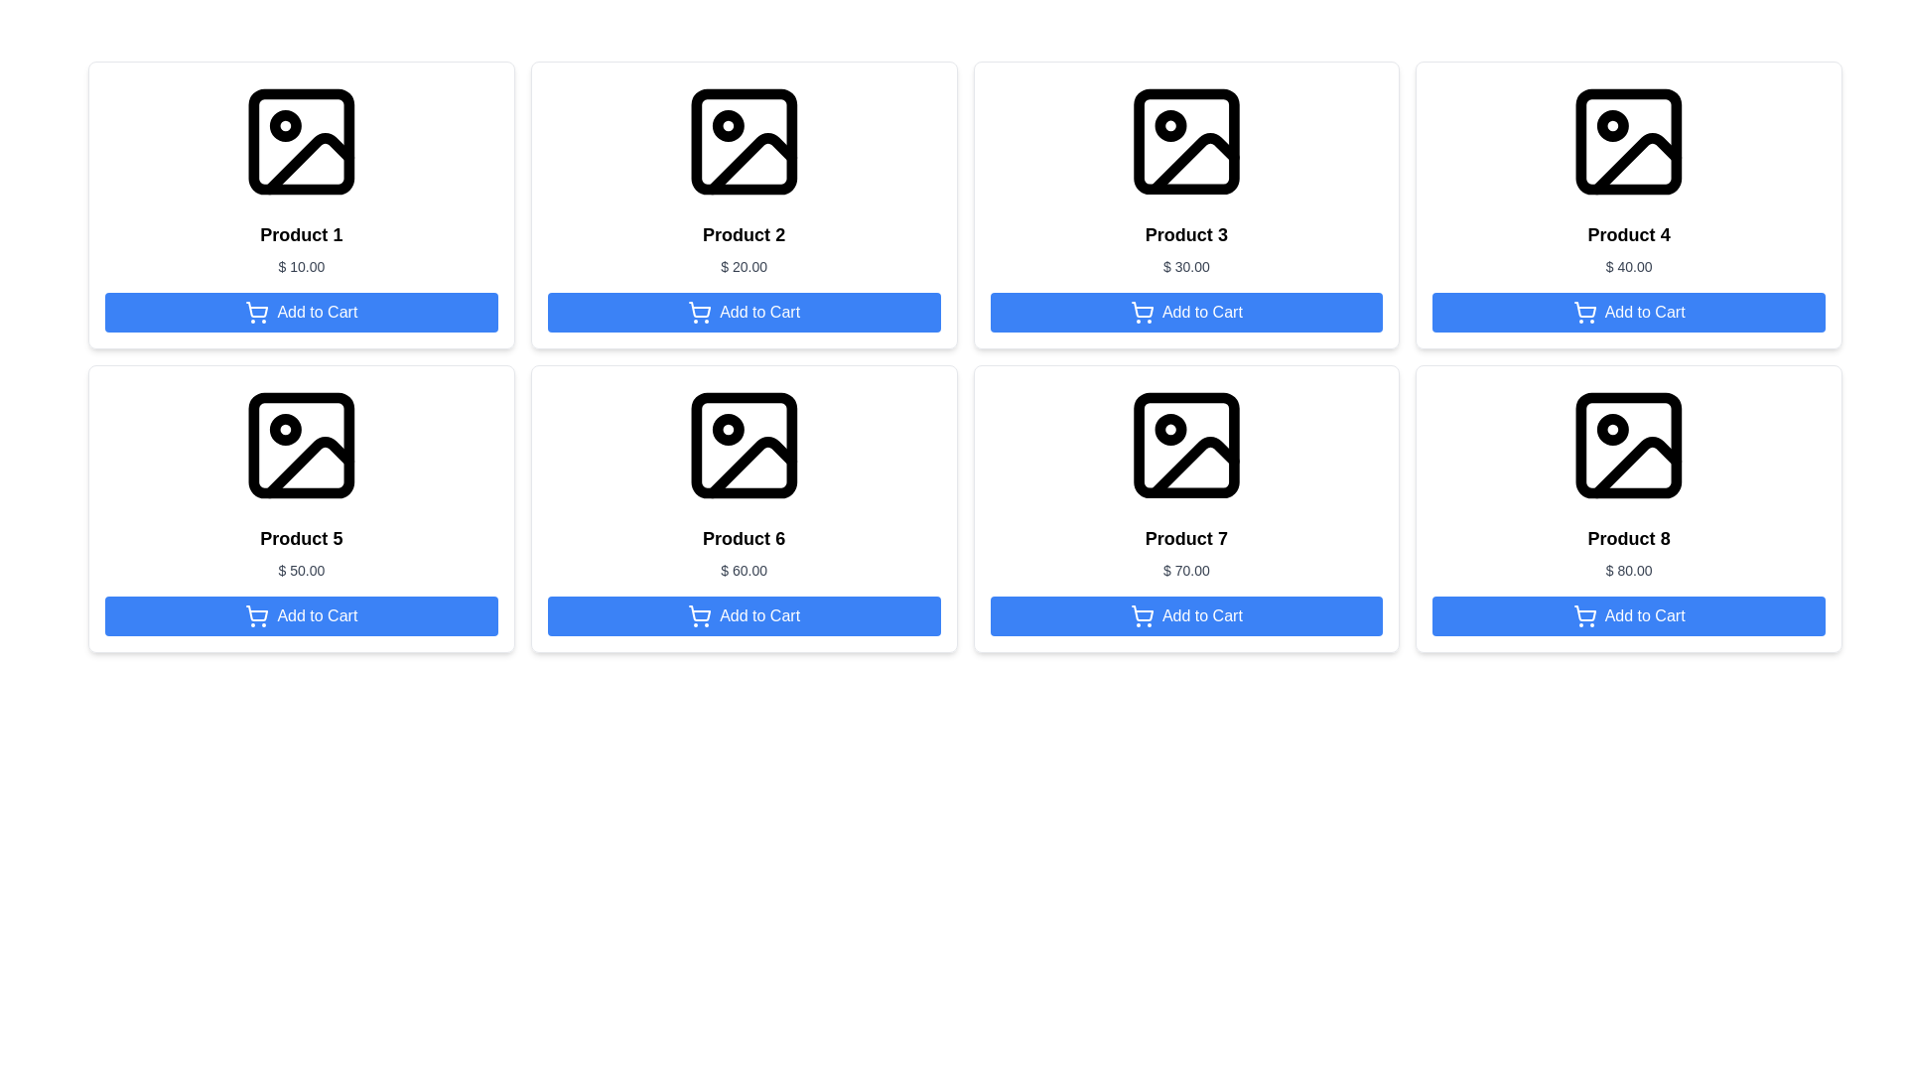 This screenshot has width=1906, height=1072. I want to click on displayed price '$ 70.00' from the text display located beneath the title 'Product 7' and above the 'Add to Cart' button, so click(1186, 570).